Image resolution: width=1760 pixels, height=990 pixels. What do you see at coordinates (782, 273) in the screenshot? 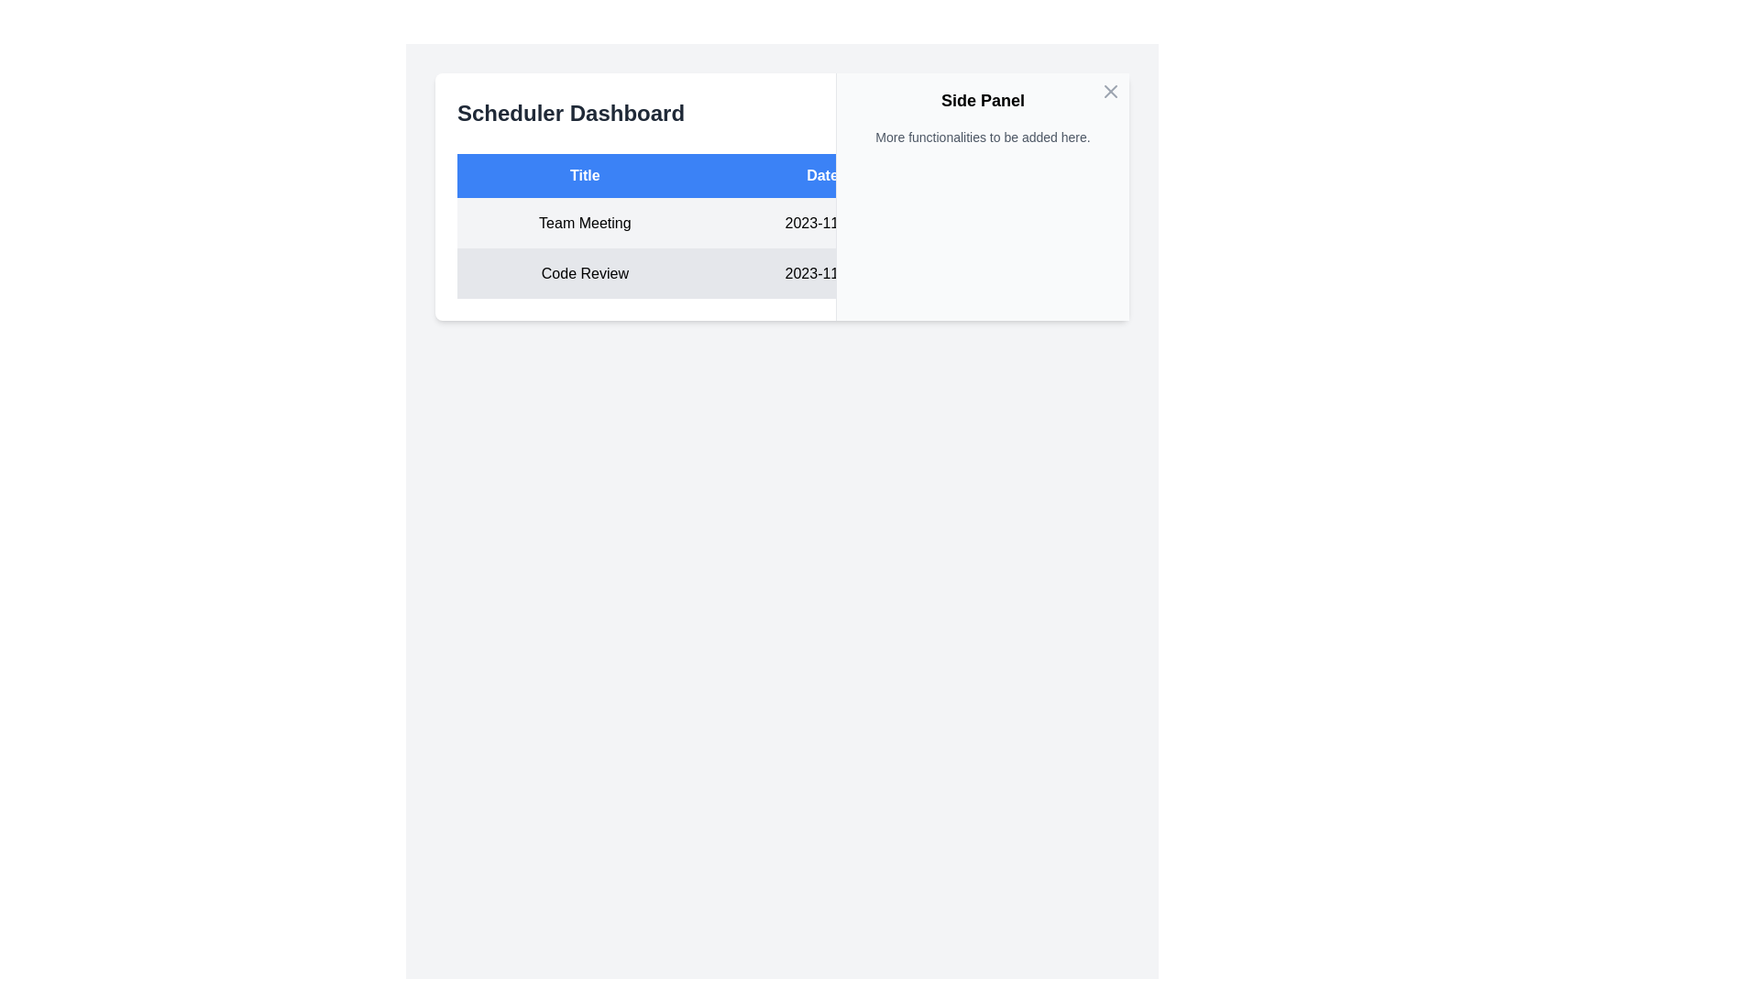
I see `the second row in the procedural schedule table under the 'Scheduler Dashboard' section` at bounding box center [782, 273].